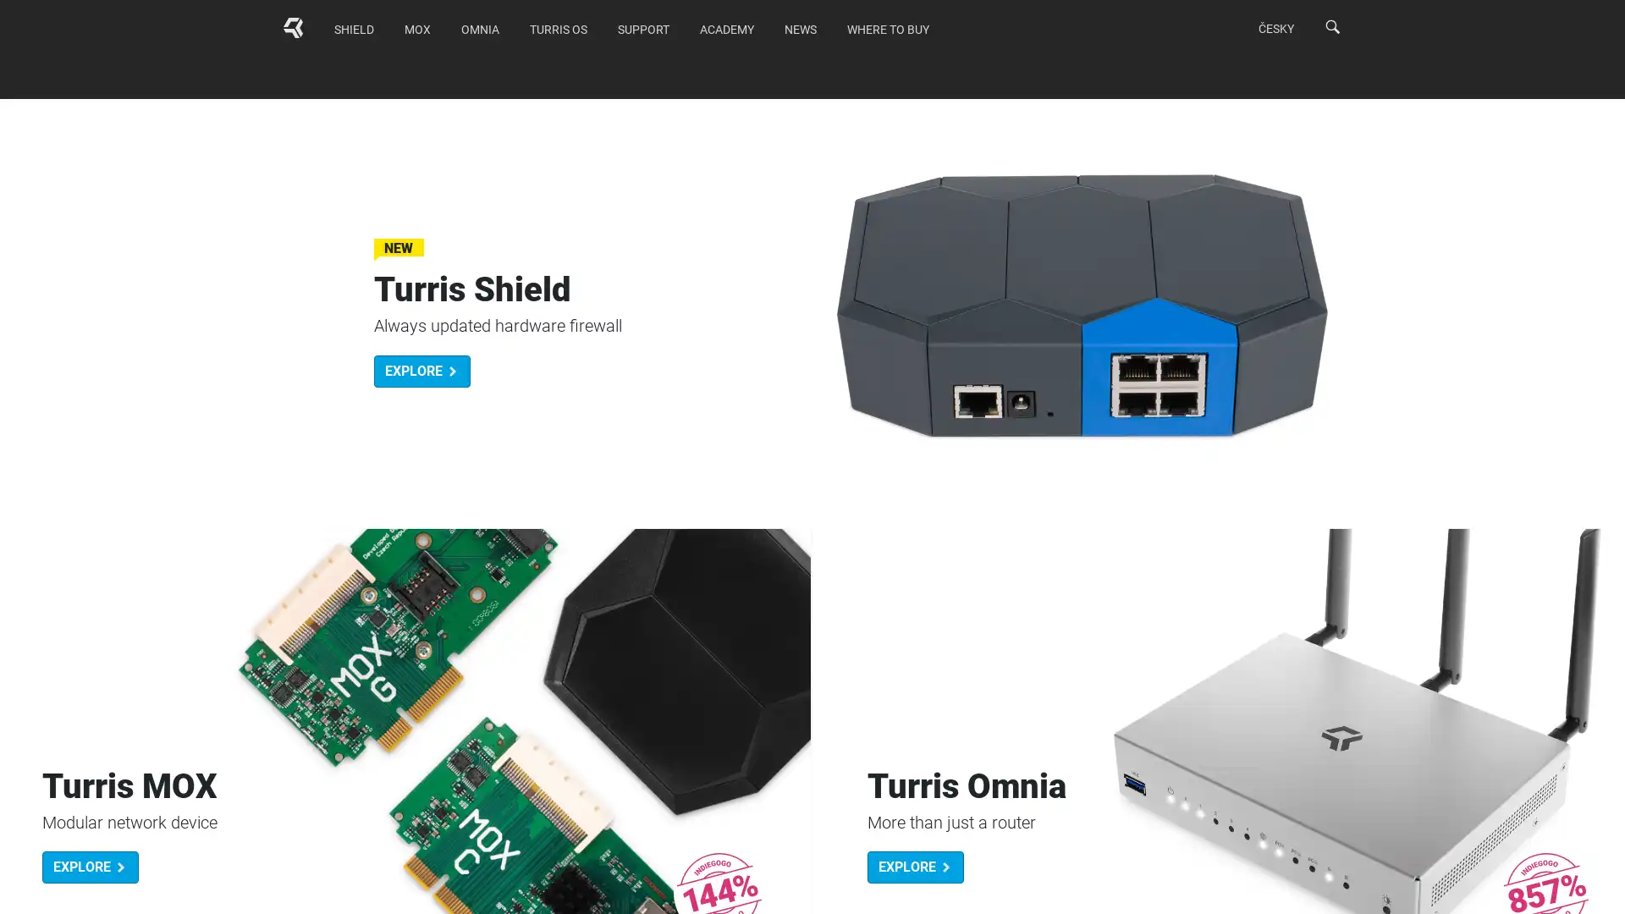  I want to click on Search icon, so click(1331, 26).